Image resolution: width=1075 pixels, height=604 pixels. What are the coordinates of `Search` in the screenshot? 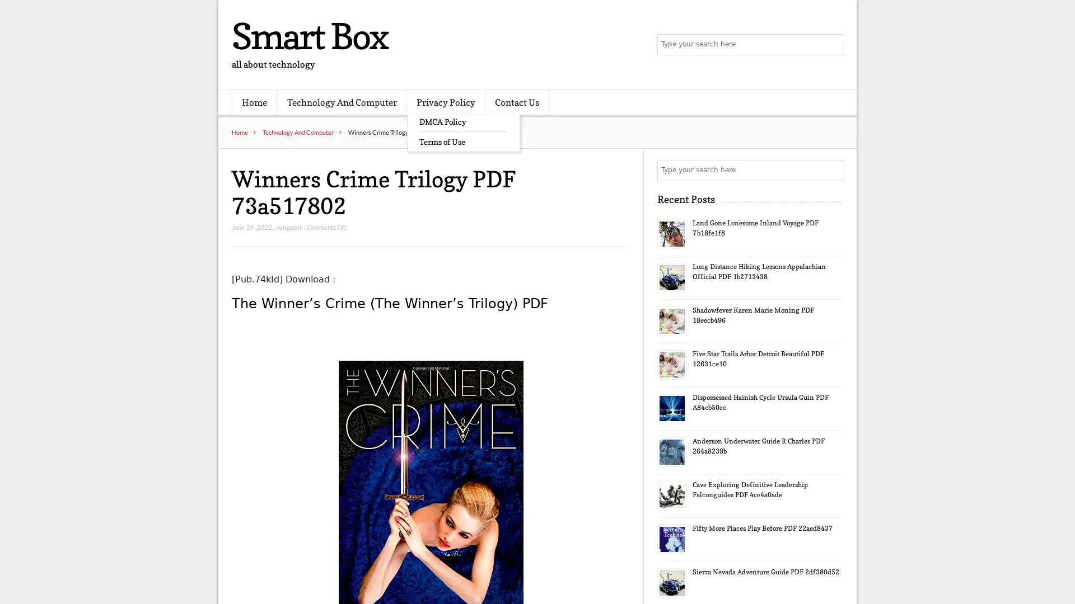 It's located at (831, 170).